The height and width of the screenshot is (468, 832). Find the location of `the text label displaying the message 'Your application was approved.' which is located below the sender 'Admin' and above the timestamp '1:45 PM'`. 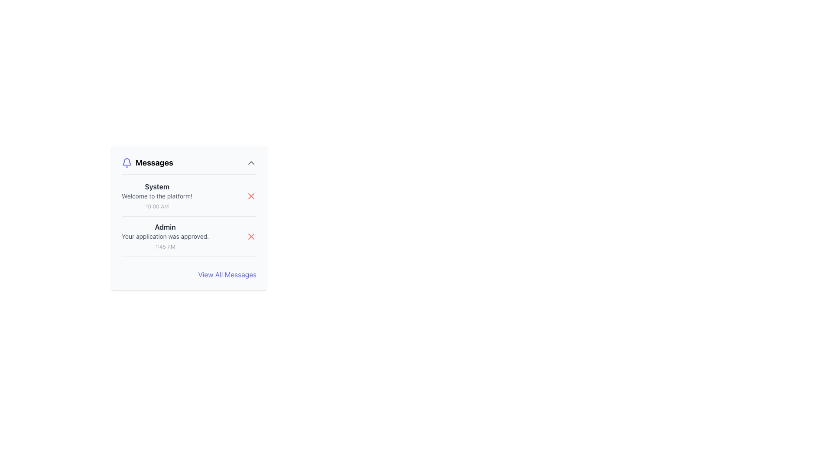

the text label displaying the message 'Your application was approved.' which is located below the sender 'Admin' and above the timestamp '1:45 PM' is located at coordinates (165, 237).